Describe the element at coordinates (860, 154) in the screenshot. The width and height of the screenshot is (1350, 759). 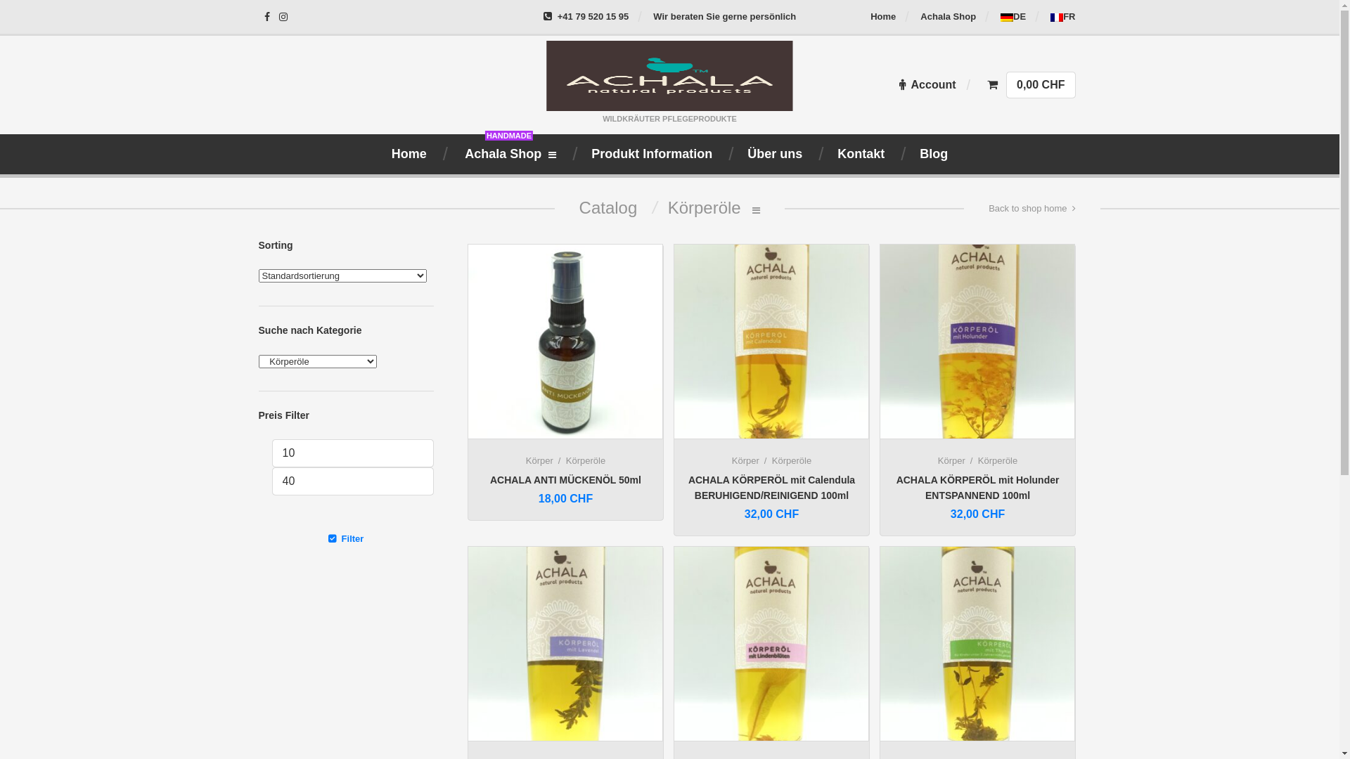
I see `'Kontakt'` at that location.